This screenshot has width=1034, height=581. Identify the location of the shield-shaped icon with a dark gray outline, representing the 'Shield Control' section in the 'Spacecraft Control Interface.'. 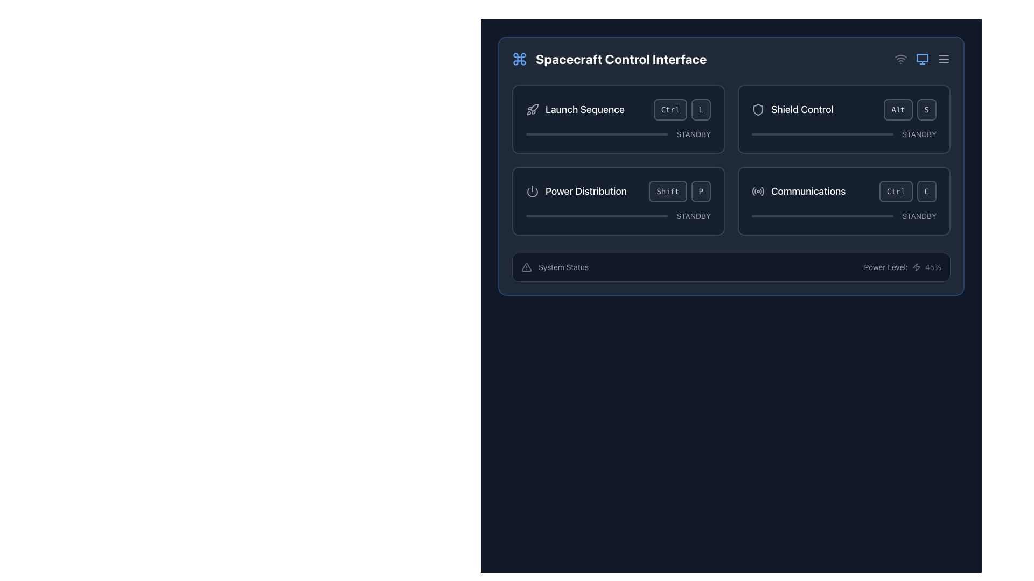
(757, 110).